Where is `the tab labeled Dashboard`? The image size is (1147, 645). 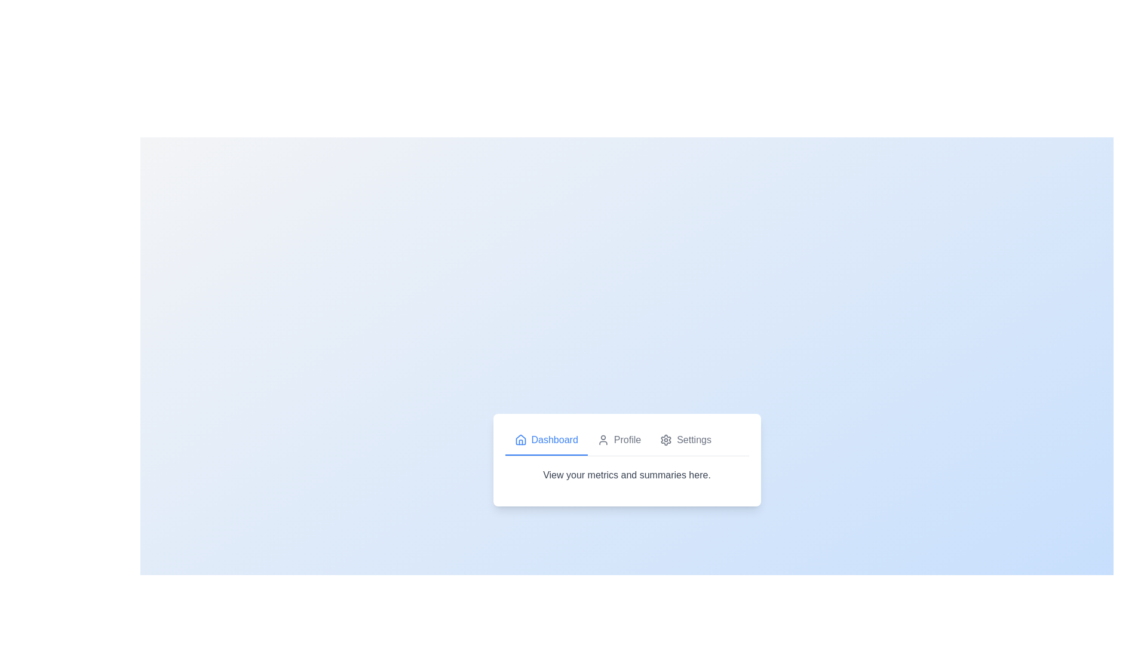
the tab labeled Dashboard is located at coordinates (545, 440).